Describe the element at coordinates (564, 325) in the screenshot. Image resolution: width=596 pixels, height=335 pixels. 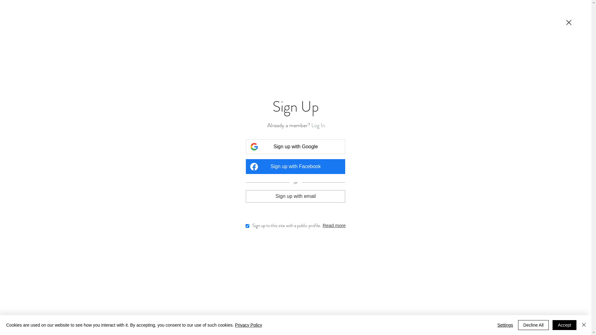
I see `'Accept'` at that location.